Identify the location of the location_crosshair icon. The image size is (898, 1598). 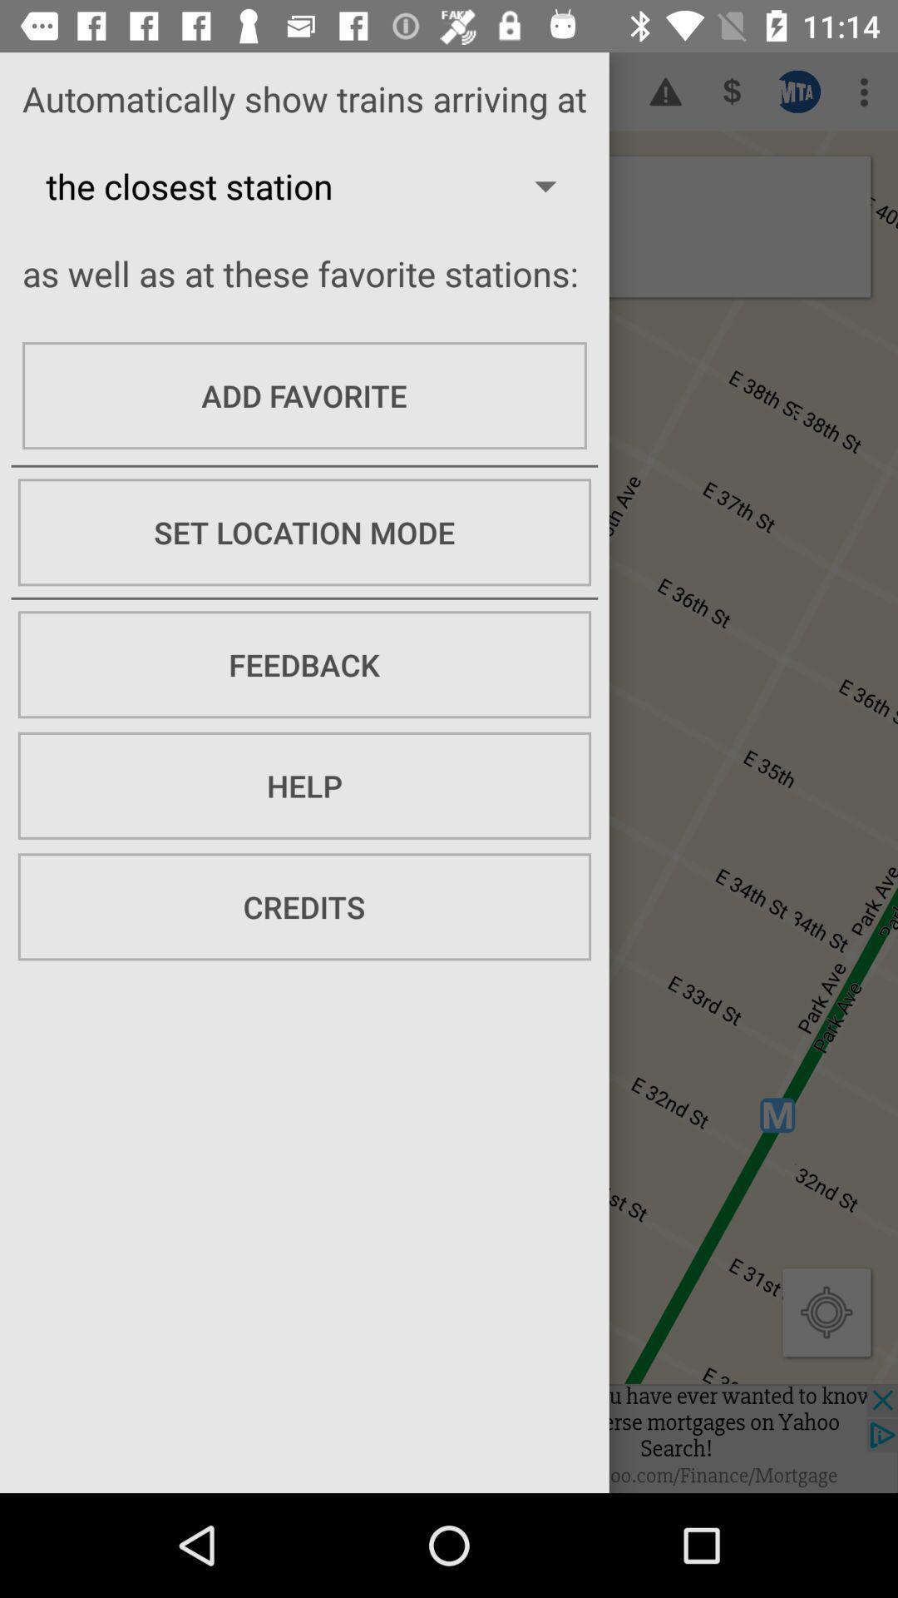
(826, 1311).